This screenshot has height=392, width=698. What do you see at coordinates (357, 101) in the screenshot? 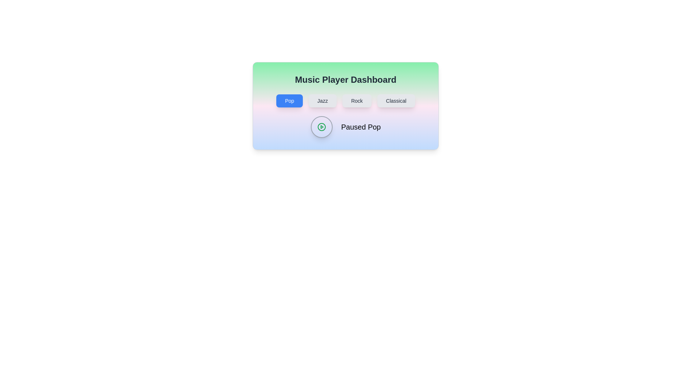
I see `the button corresponding to the genre Rock to select it` at bounding box center [357, 101].